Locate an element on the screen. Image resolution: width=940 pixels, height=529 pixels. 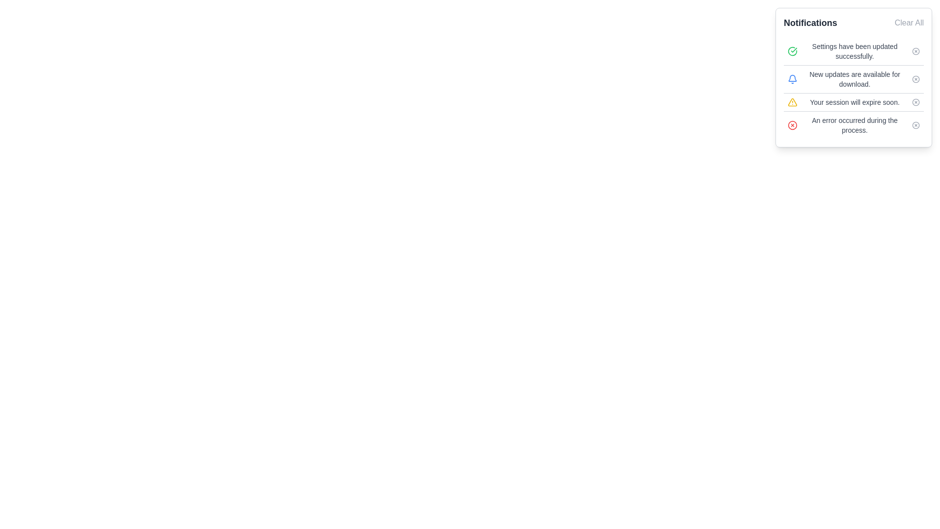
the circular outline of the close button icon located on the far right of a notification entry in the notification panel is located at coordinates (792, 124).